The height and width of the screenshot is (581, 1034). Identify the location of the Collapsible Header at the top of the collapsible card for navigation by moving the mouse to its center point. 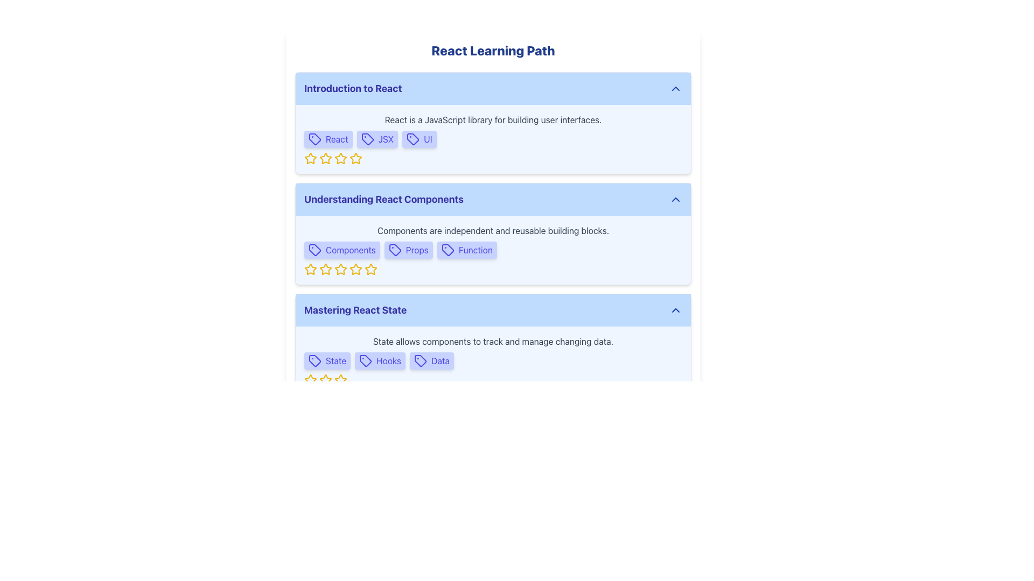
(493, 88).